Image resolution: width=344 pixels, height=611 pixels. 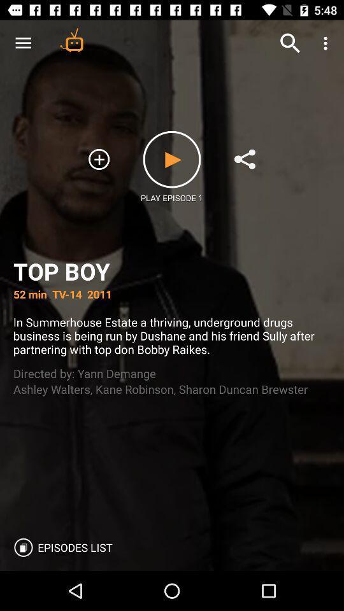 What do you see at coordinates (245, 158) in the screenshot?
I see `share video` at bounding box center [245, 158].